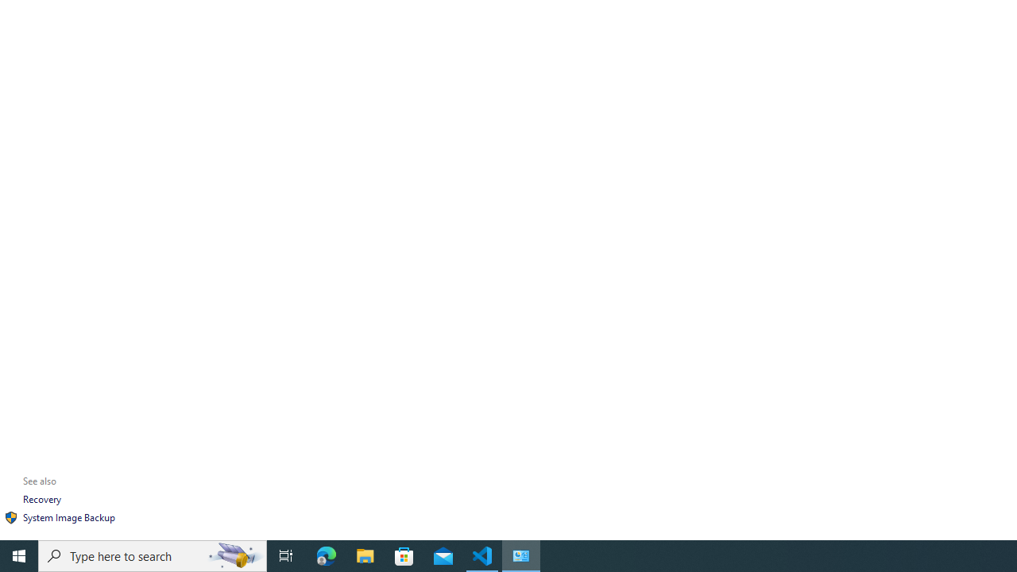 The width and height of the screenshot is (1017, 572). Describe the element at coordinates (521, 555) in the screenshot. I see `'Control Panel - 1 running window'` at that location.